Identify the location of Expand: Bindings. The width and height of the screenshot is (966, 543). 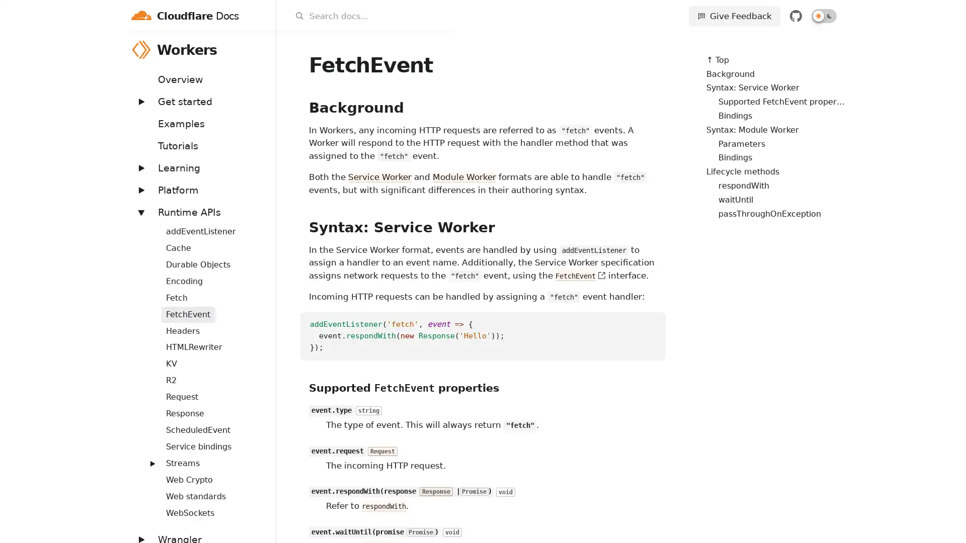
(146, 225).